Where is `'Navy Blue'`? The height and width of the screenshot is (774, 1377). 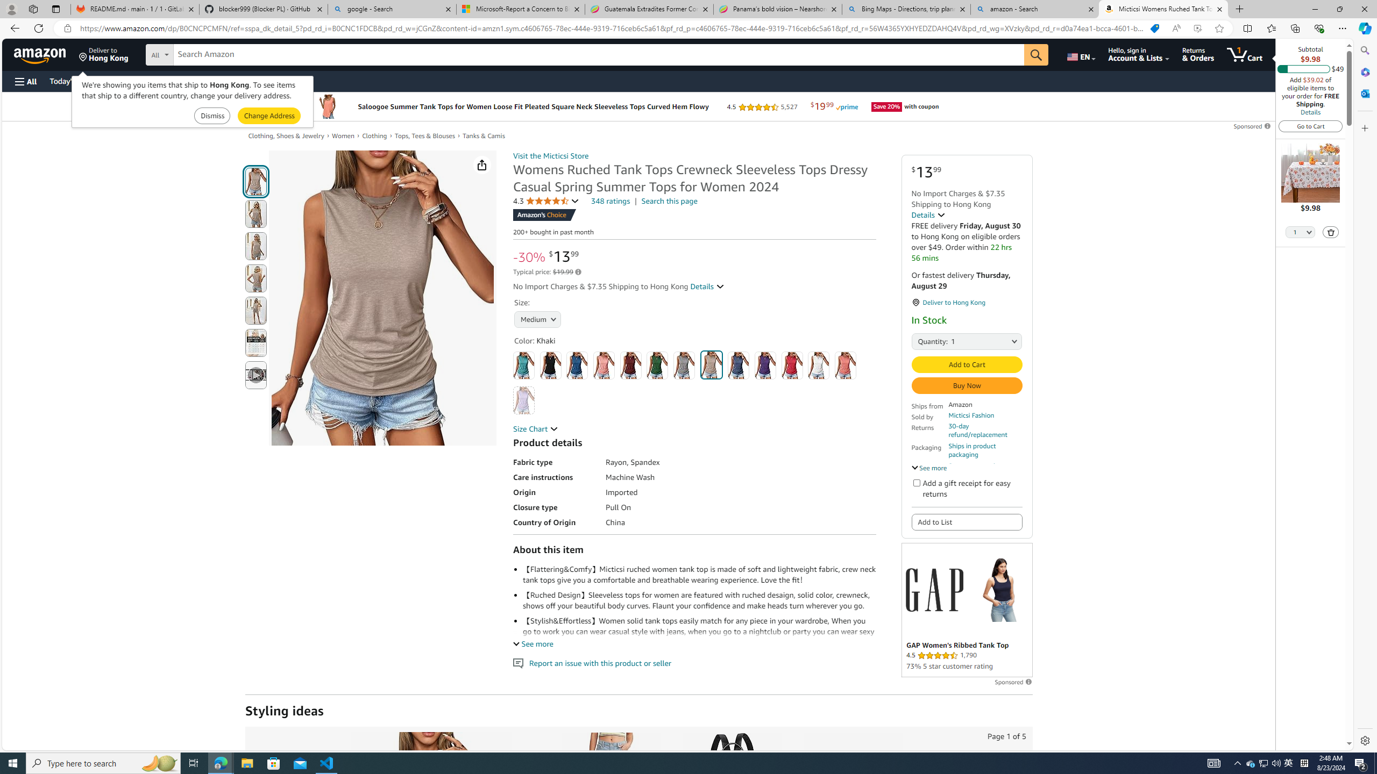 'Navy Blue' is located at coordinates (739, 365).